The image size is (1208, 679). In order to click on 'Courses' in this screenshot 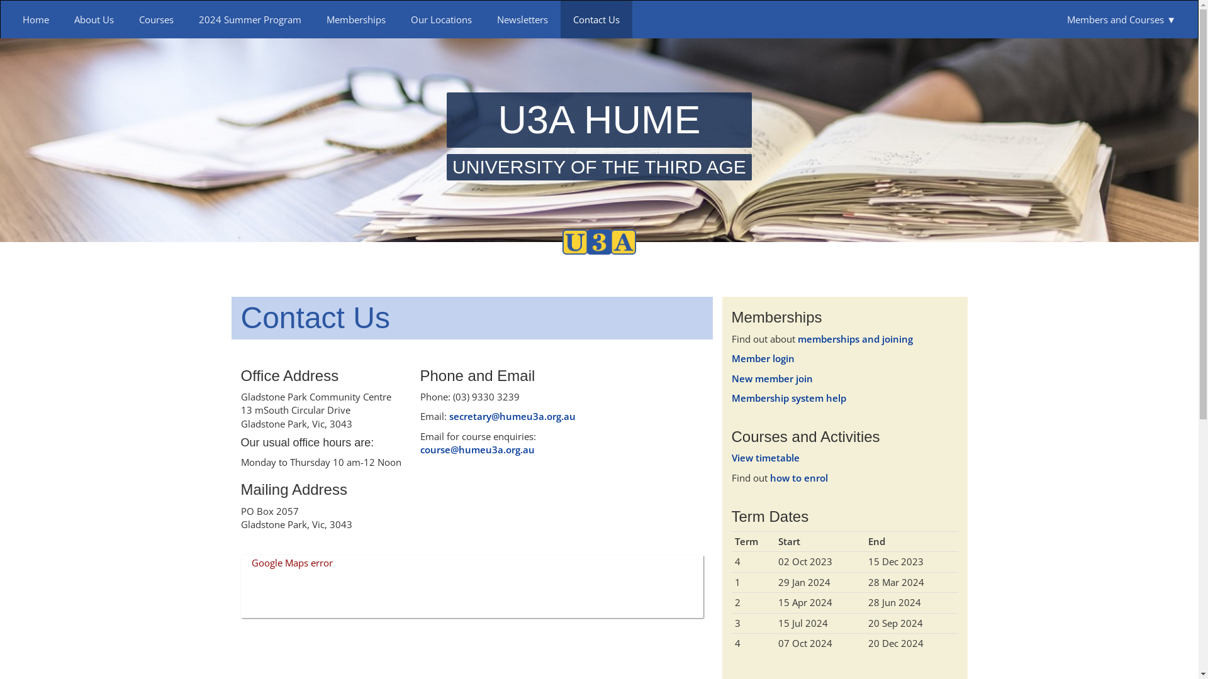, I will do `click(155, 19)`.